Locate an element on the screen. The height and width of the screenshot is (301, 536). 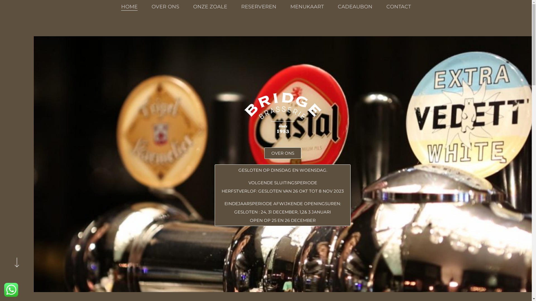
'HOME' is located at coordinates (129, 6).